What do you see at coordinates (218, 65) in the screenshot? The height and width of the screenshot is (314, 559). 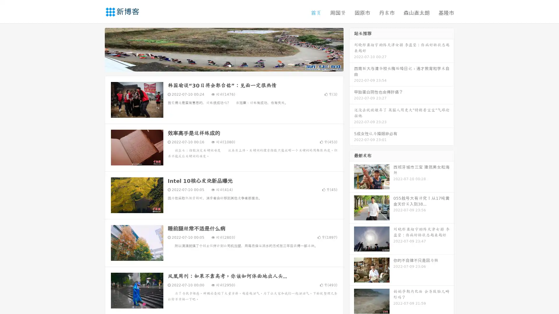 I see `Go to slide 1` at bounding box center [218, 65].